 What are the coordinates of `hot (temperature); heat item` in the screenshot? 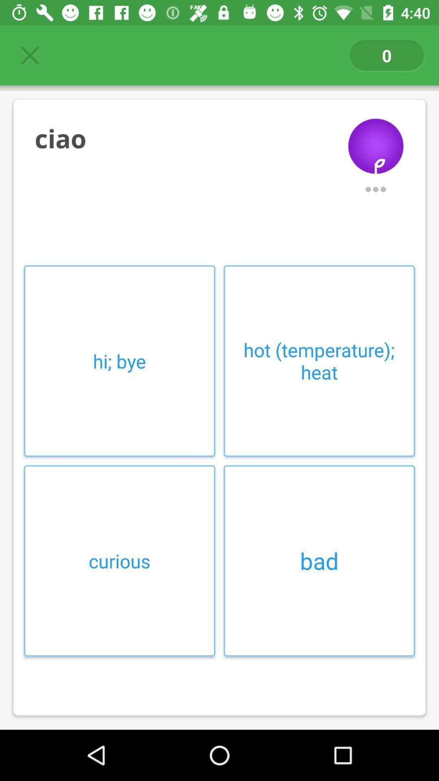 It's located at (319, 360).